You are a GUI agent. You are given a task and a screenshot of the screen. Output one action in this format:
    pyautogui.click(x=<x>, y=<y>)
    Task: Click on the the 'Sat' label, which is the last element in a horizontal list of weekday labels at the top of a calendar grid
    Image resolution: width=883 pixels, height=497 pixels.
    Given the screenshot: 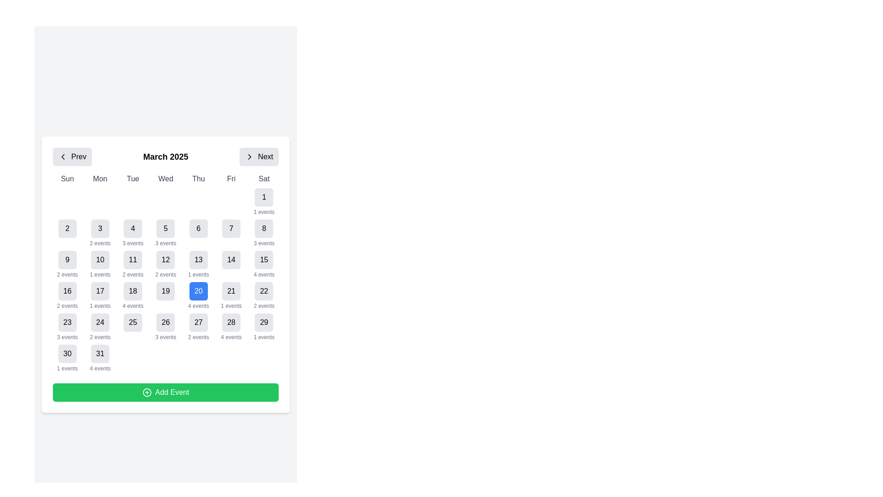 What is the action you would take?
    pyautogui.click(x=264, y=179)
    